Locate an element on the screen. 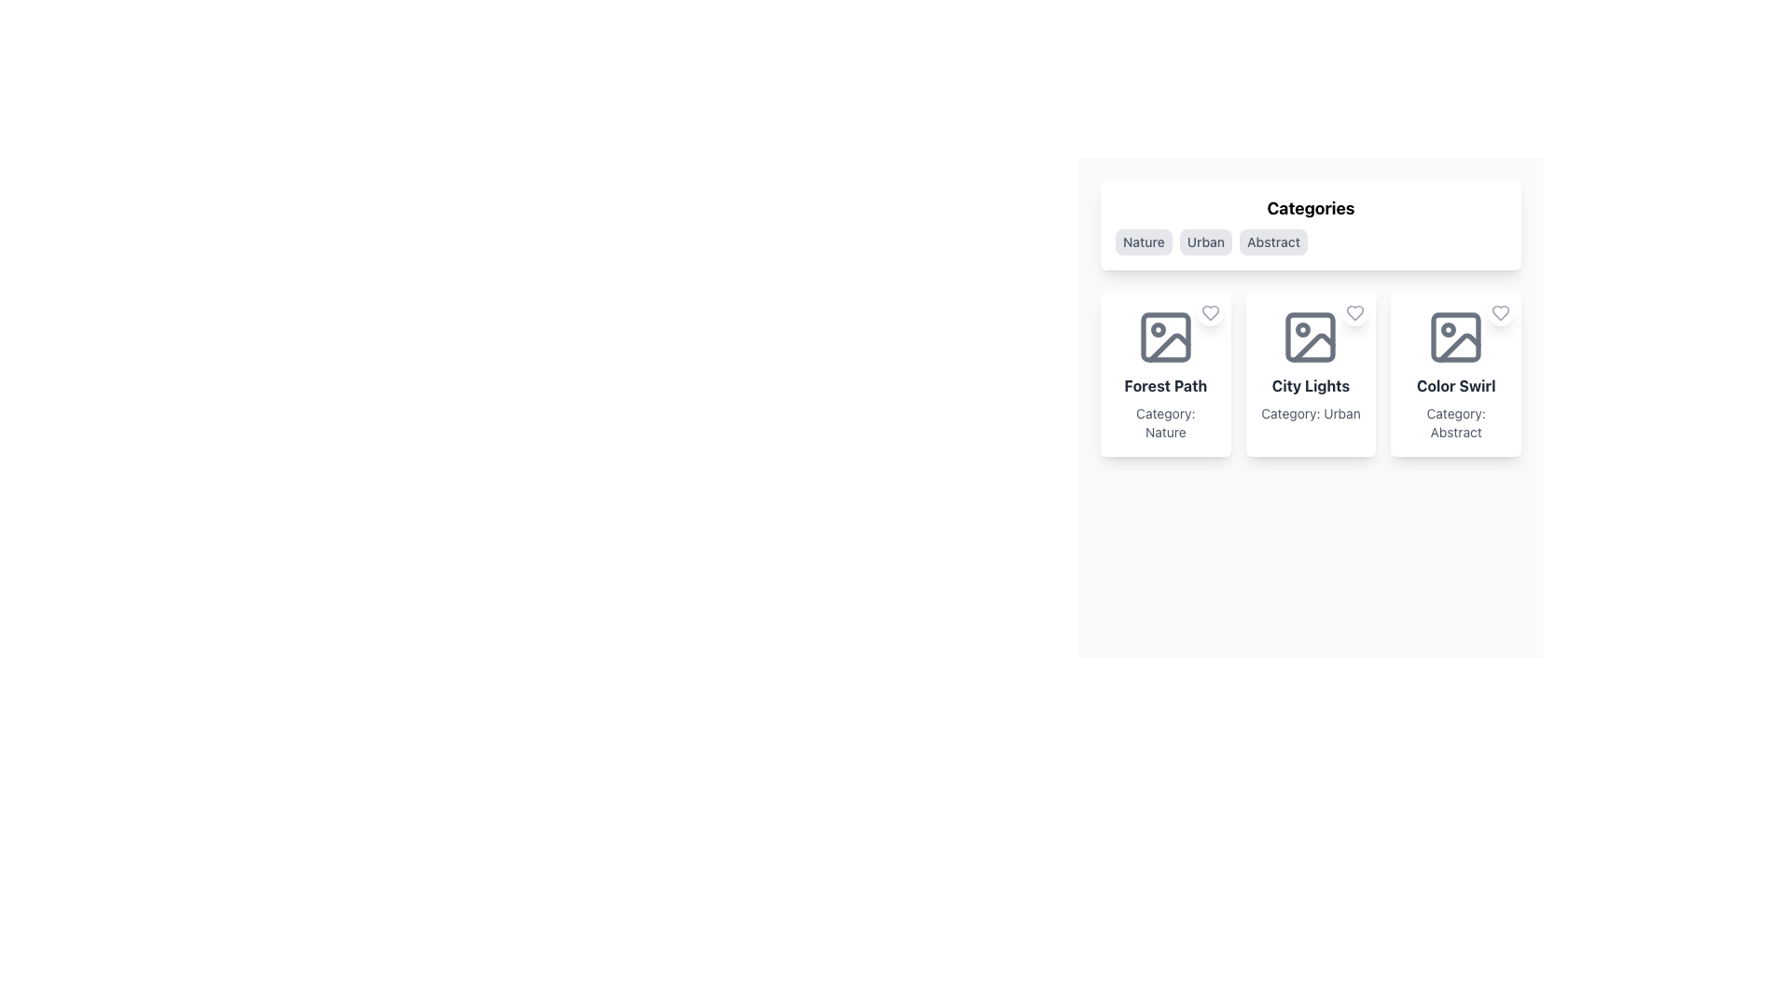 This screenshot has height=1007, width=1791. the round button with a heart-shaped icon outlined in gray located in the top-right position of the 'City Lights' card is located at coordinates (1355, 311).